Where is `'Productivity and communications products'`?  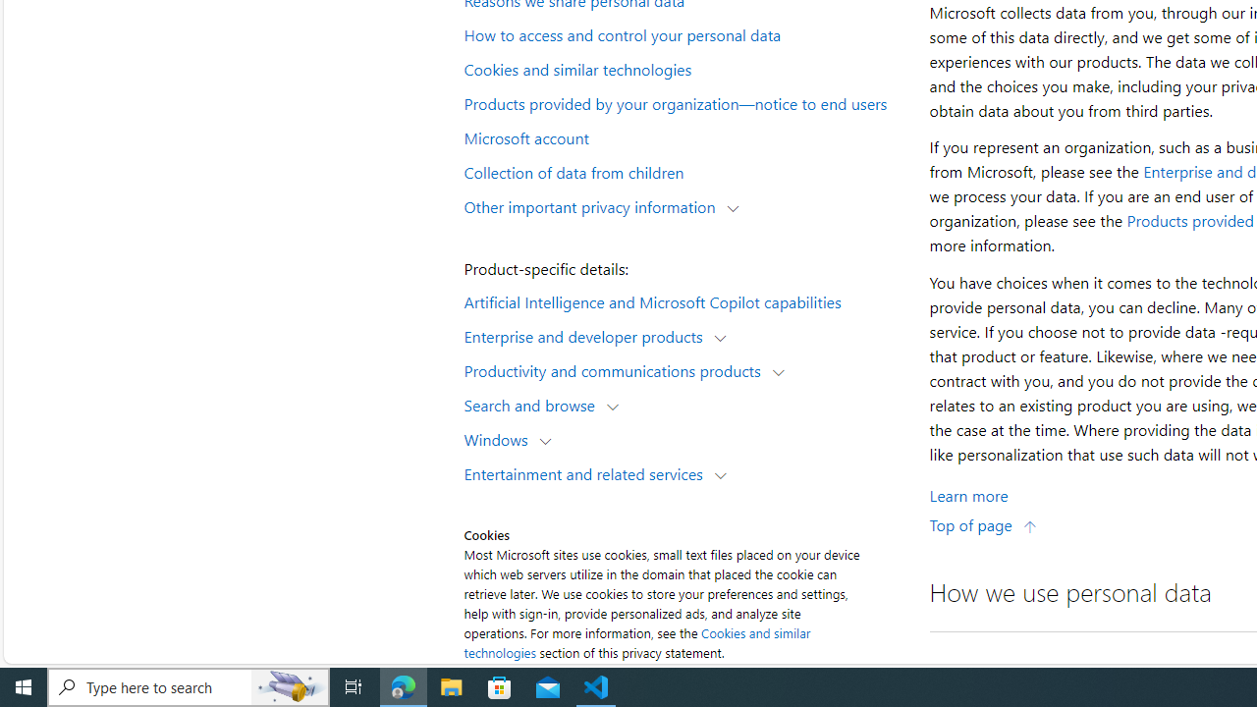 'Productivity and communications products' is located at coordinates (616, 369).